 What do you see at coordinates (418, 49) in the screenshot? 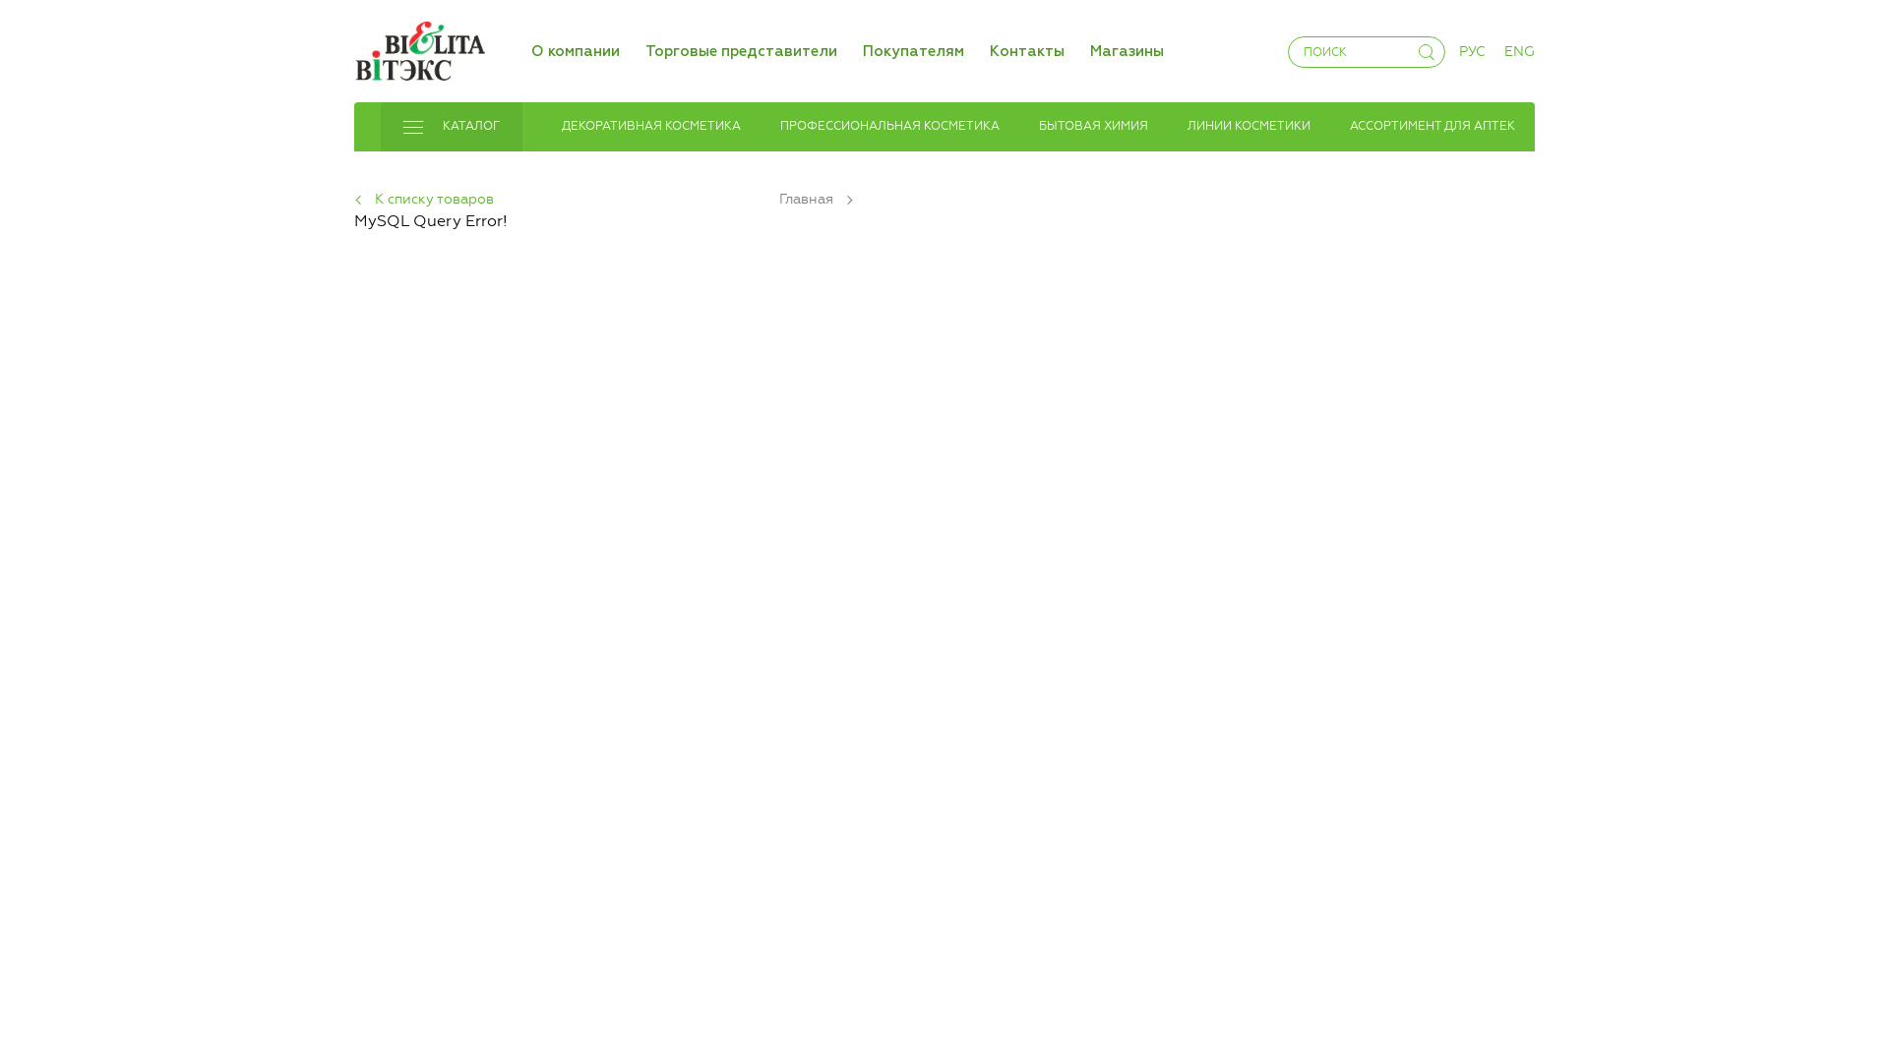
I see `'Belita&Vitex'` at bounding box center [418, 49].